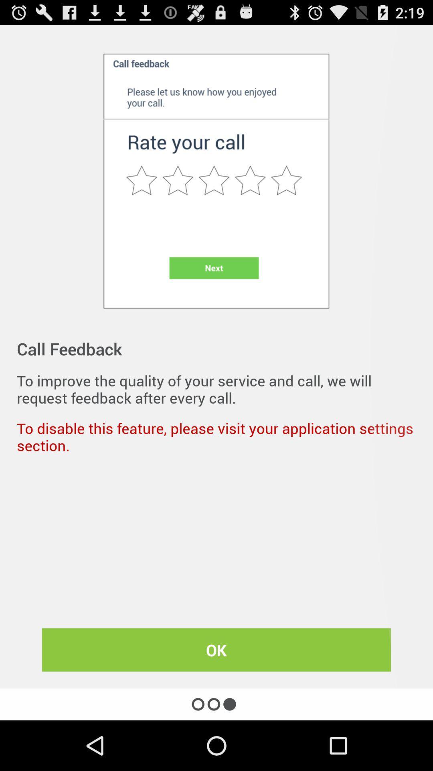 This screenshot has width=433, height=771. Describe the element at coordinates (216, 650) in the screenshot. I see `the icon below to disable this app` at that location.